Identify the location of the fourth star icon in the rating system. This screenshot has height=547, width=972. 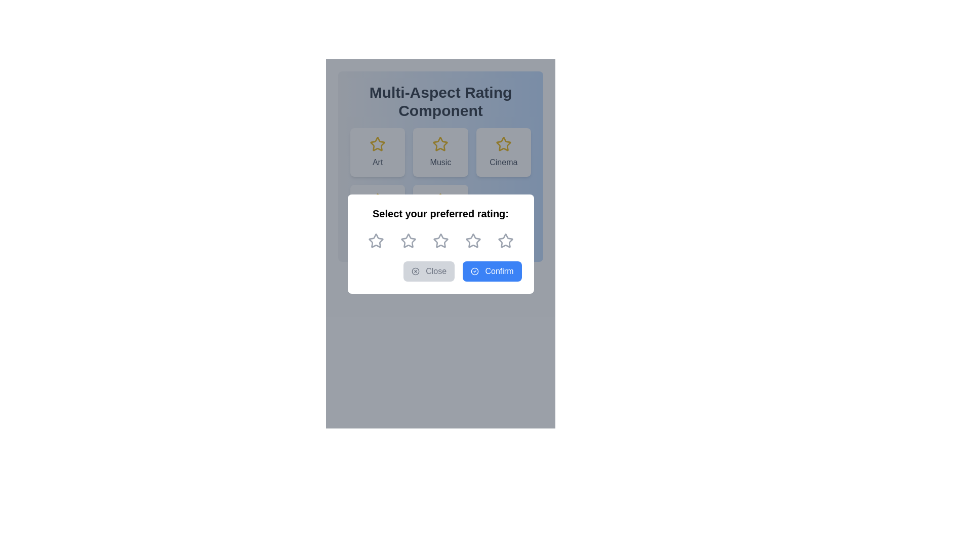
(472, 240).